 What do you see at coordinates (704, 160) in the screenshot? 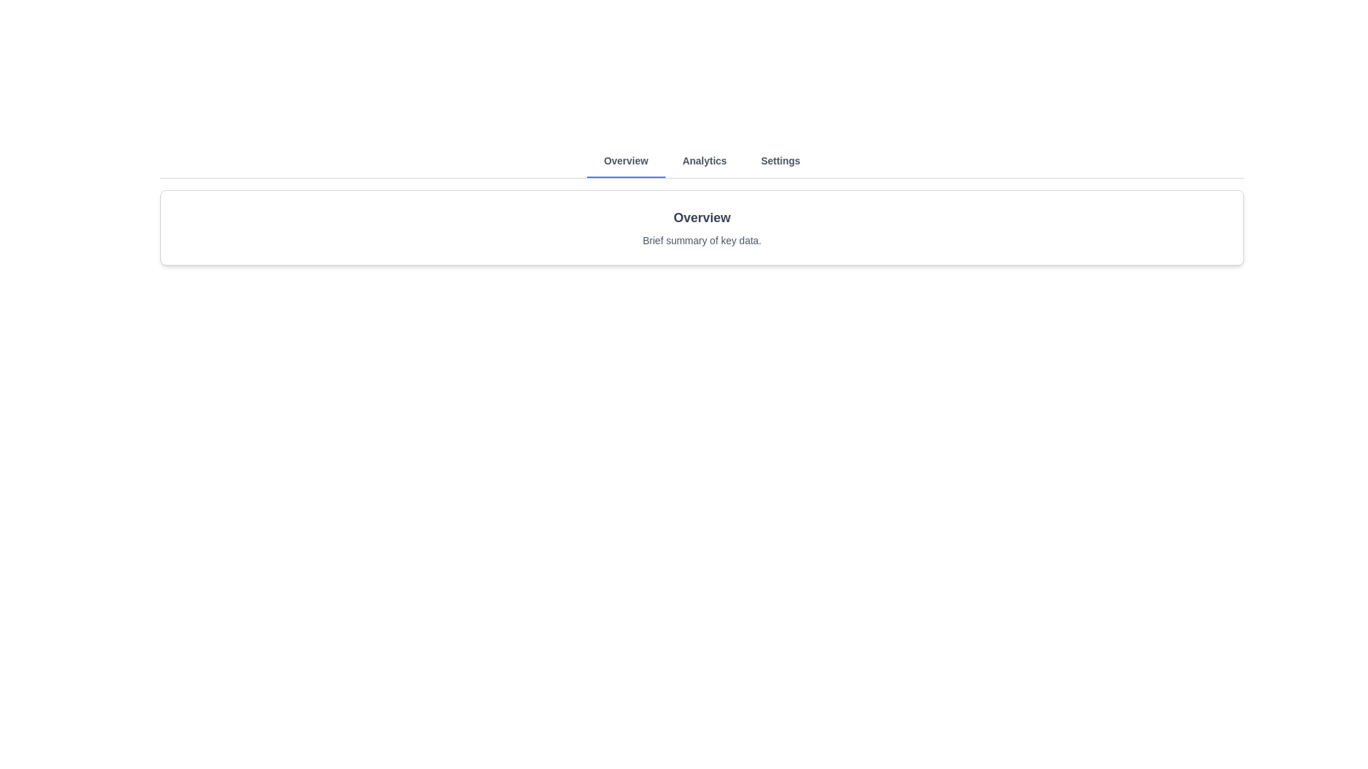
I see `the Analytics tab` at bounding box center [704, 160].